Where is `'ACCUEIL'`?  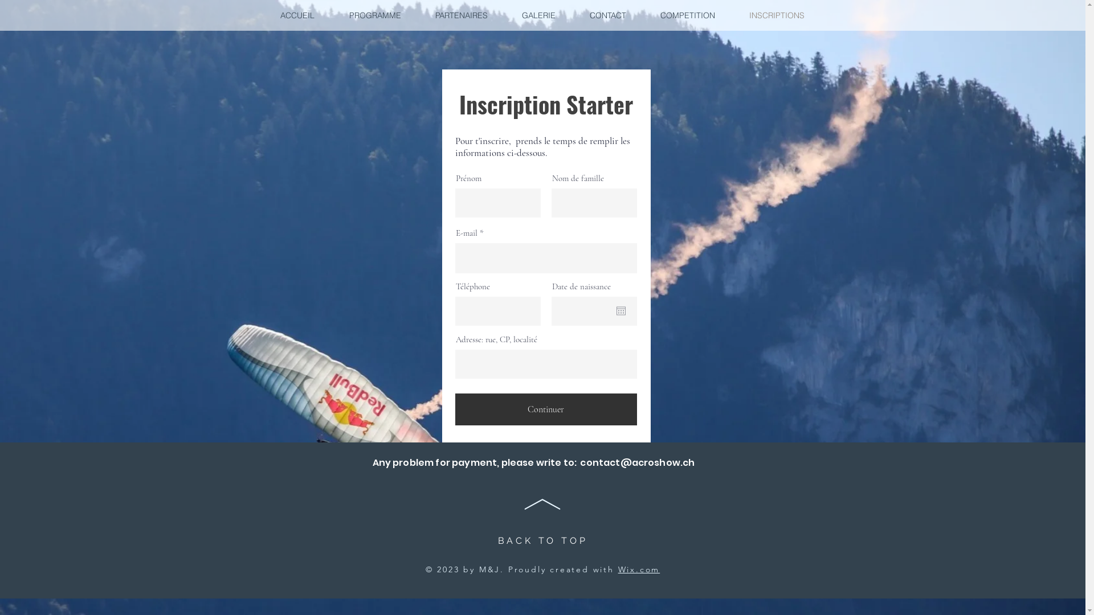
'ACCUEIL' is located at coordinates (297, 15).